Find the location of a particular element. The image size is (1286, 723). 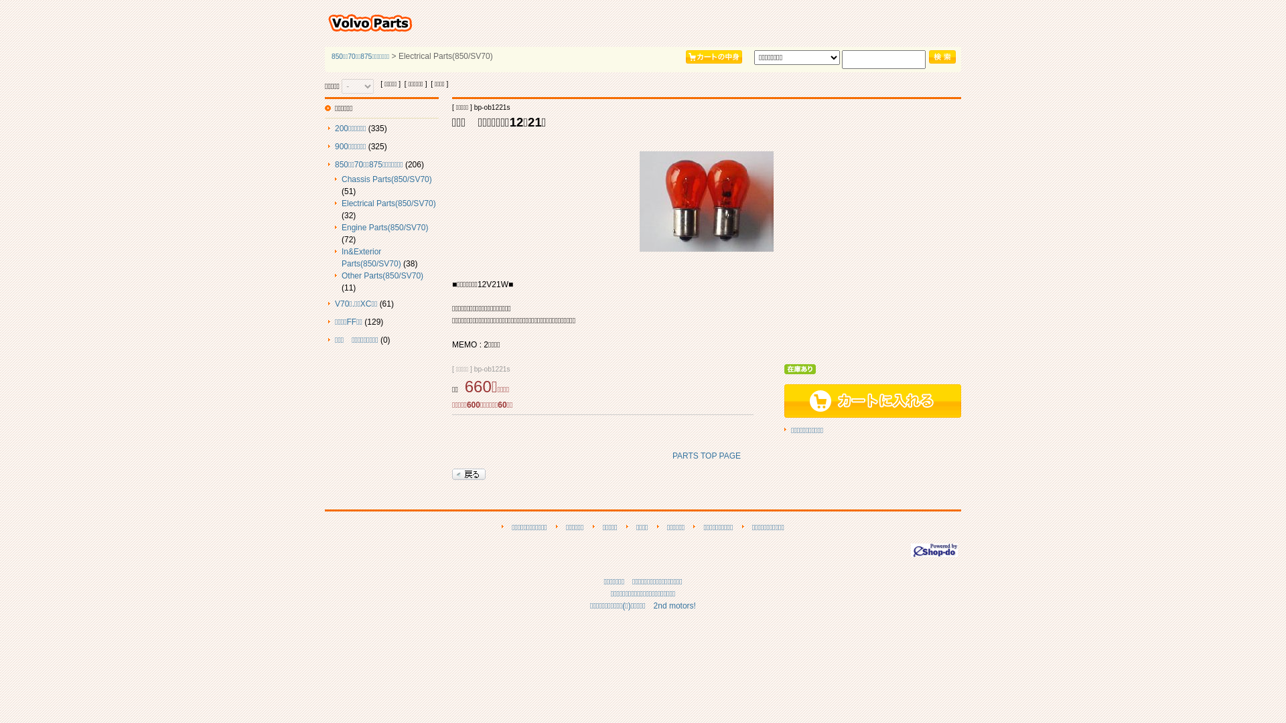

'In&Exterior Parts(850/SV70)' is located at coordinates (341, 258).